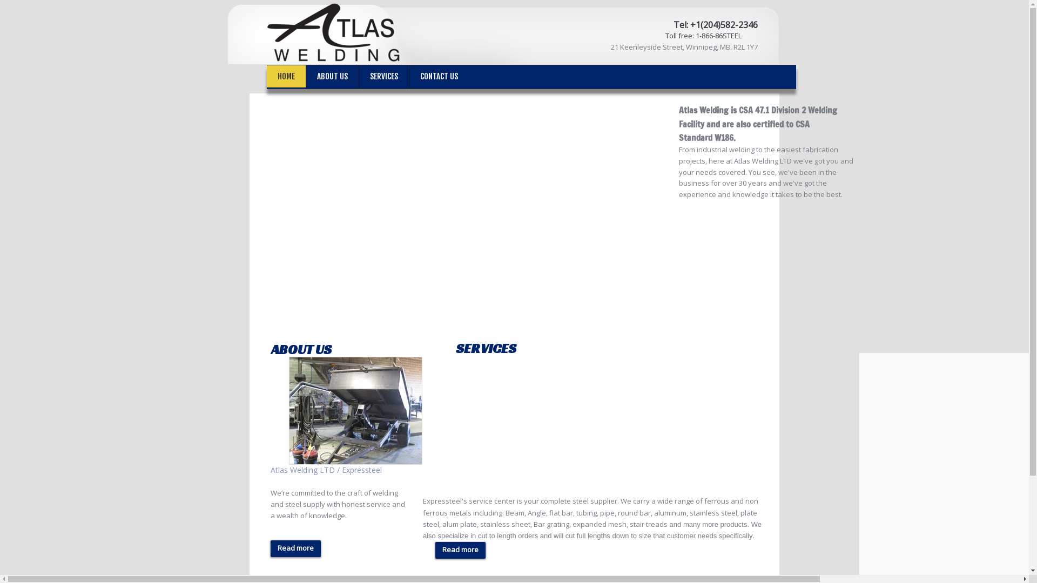 Image resolution: width=1037 pixels, height=583 pixels. I want to click on 'HOME', so click(286, 76).